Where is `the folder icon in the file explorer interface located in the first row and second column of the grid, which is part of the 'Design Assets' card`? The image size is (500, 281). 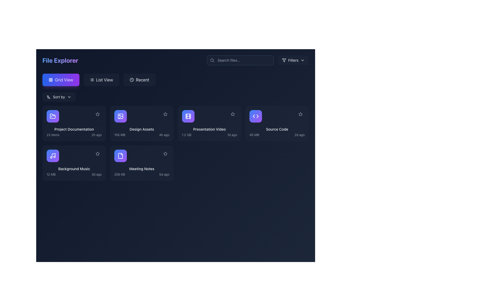 the folder icon in the file explorer interface located in the first row and second column of the grid, which is part of the 'Design Assets' card is located at coordinates (53, 116).